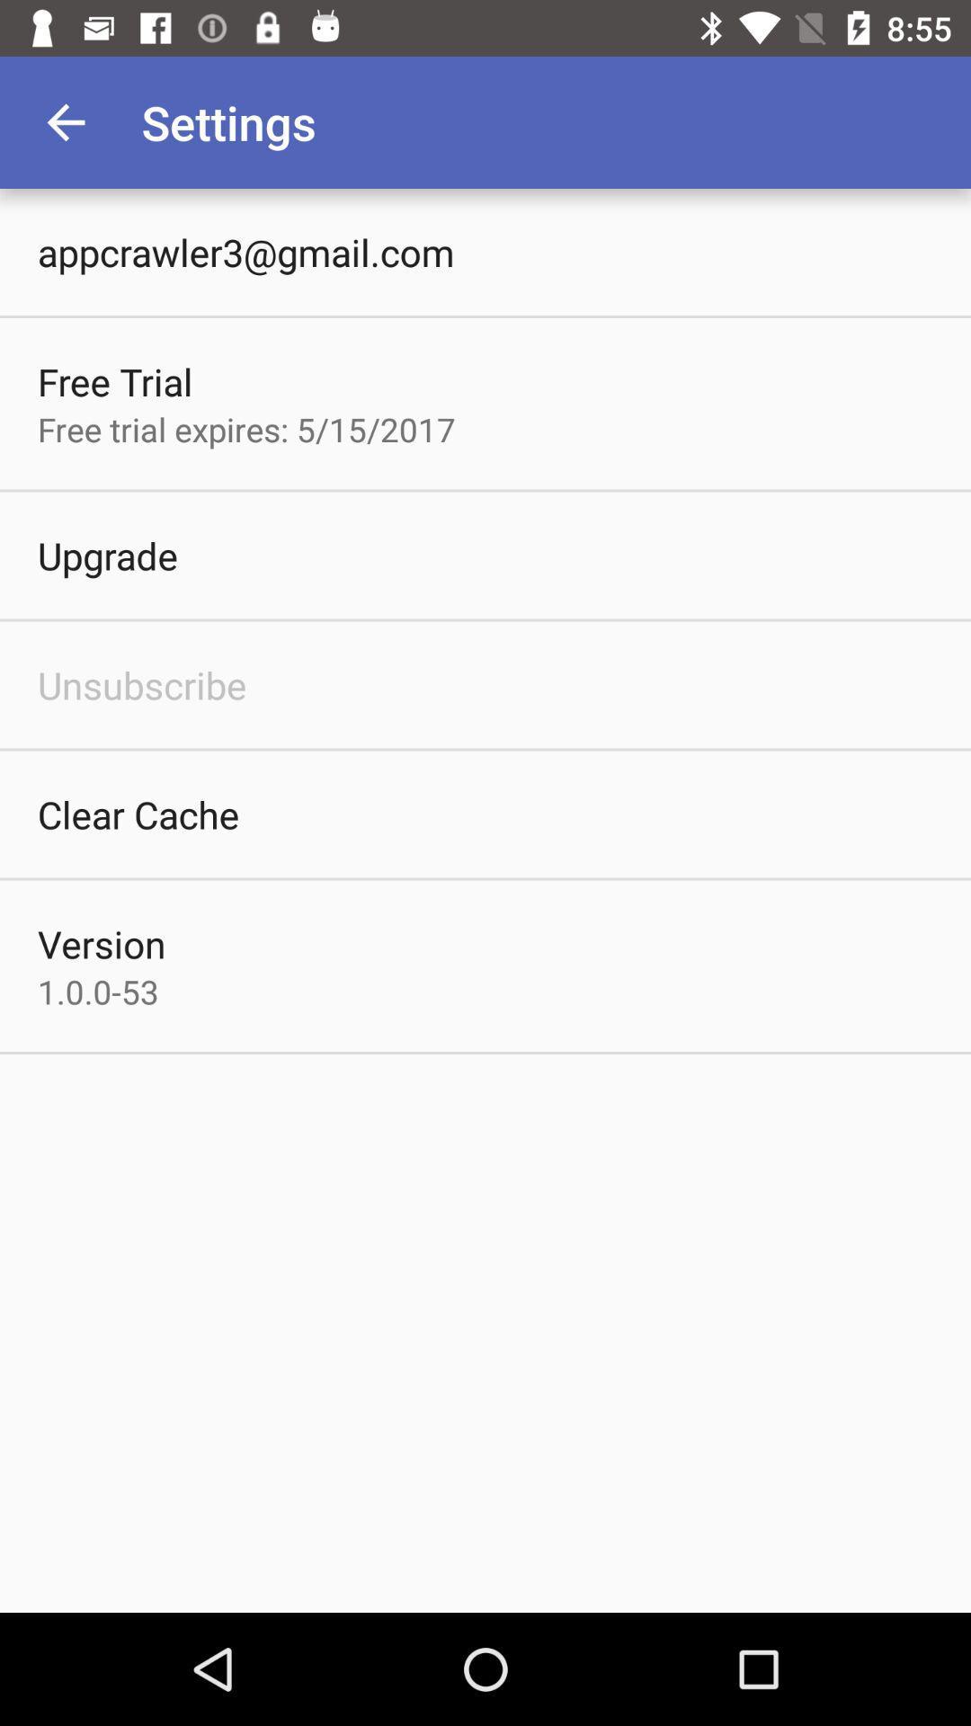  I want to click on unsubscribe, so click(141, 684).